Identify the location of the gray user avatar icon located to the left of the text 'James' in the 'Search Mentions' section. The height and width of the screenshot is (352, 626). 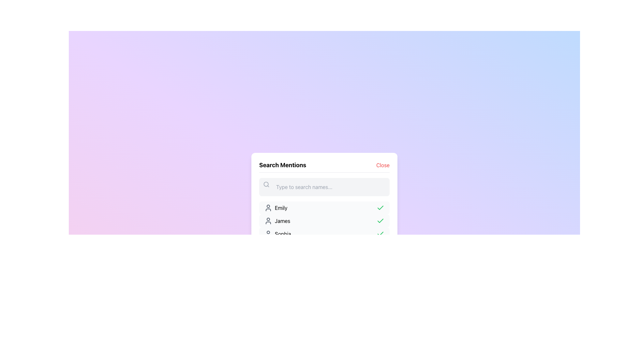
(268, 220).